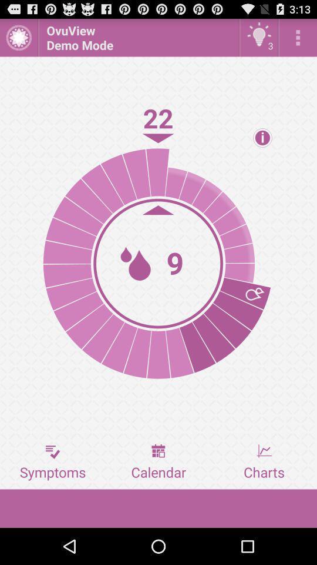  Describe the element at coordinates (298, 40) in the screenshot. I see `the more icon` at that location.